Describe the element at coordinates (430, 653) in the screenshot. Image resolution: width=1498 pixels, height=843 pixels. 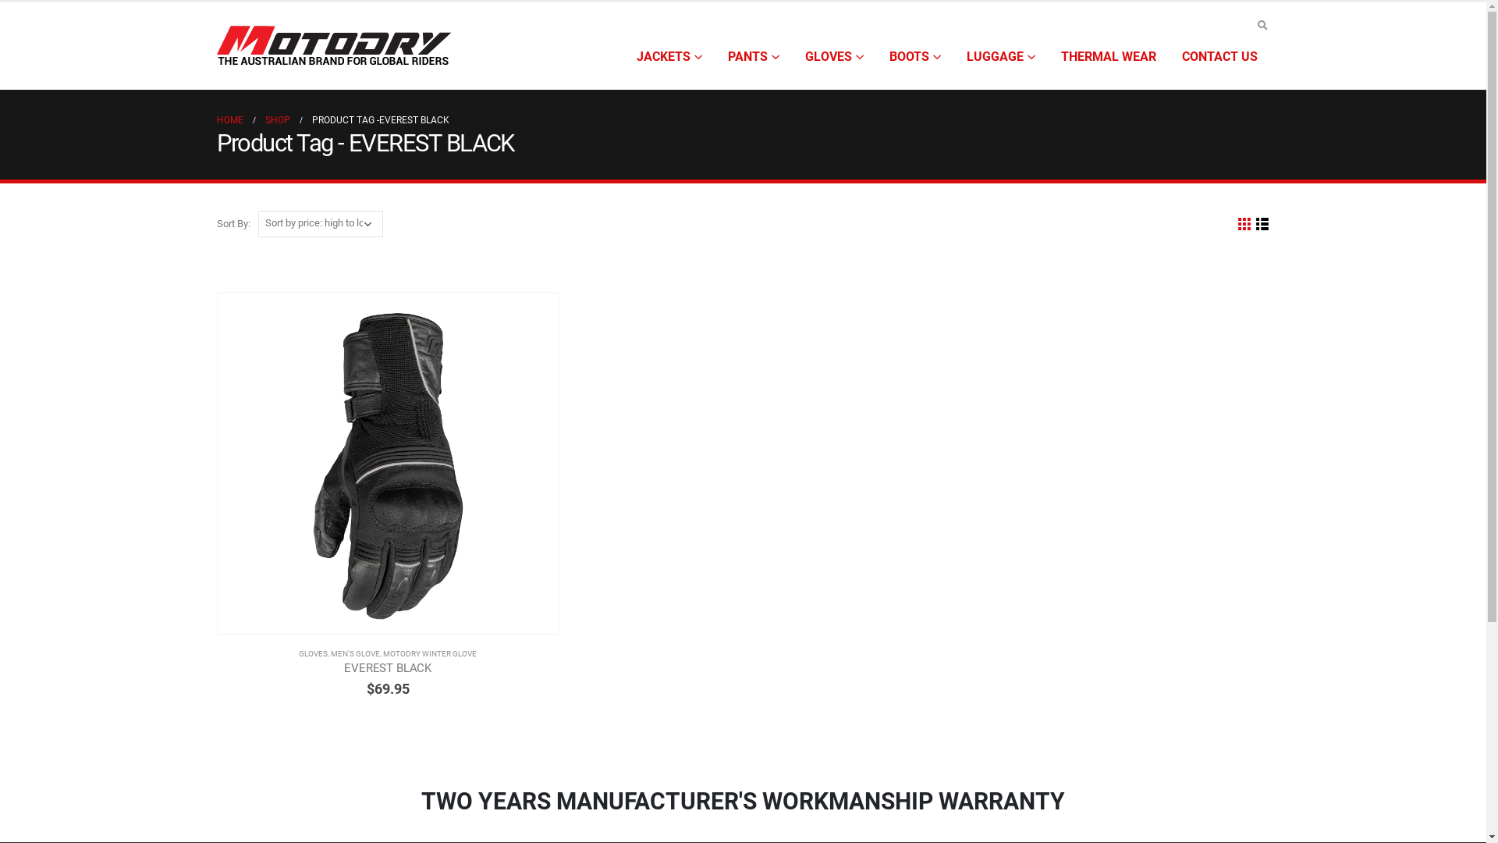
I see `'MOTODRY WINTER GLOVE'` at that location.